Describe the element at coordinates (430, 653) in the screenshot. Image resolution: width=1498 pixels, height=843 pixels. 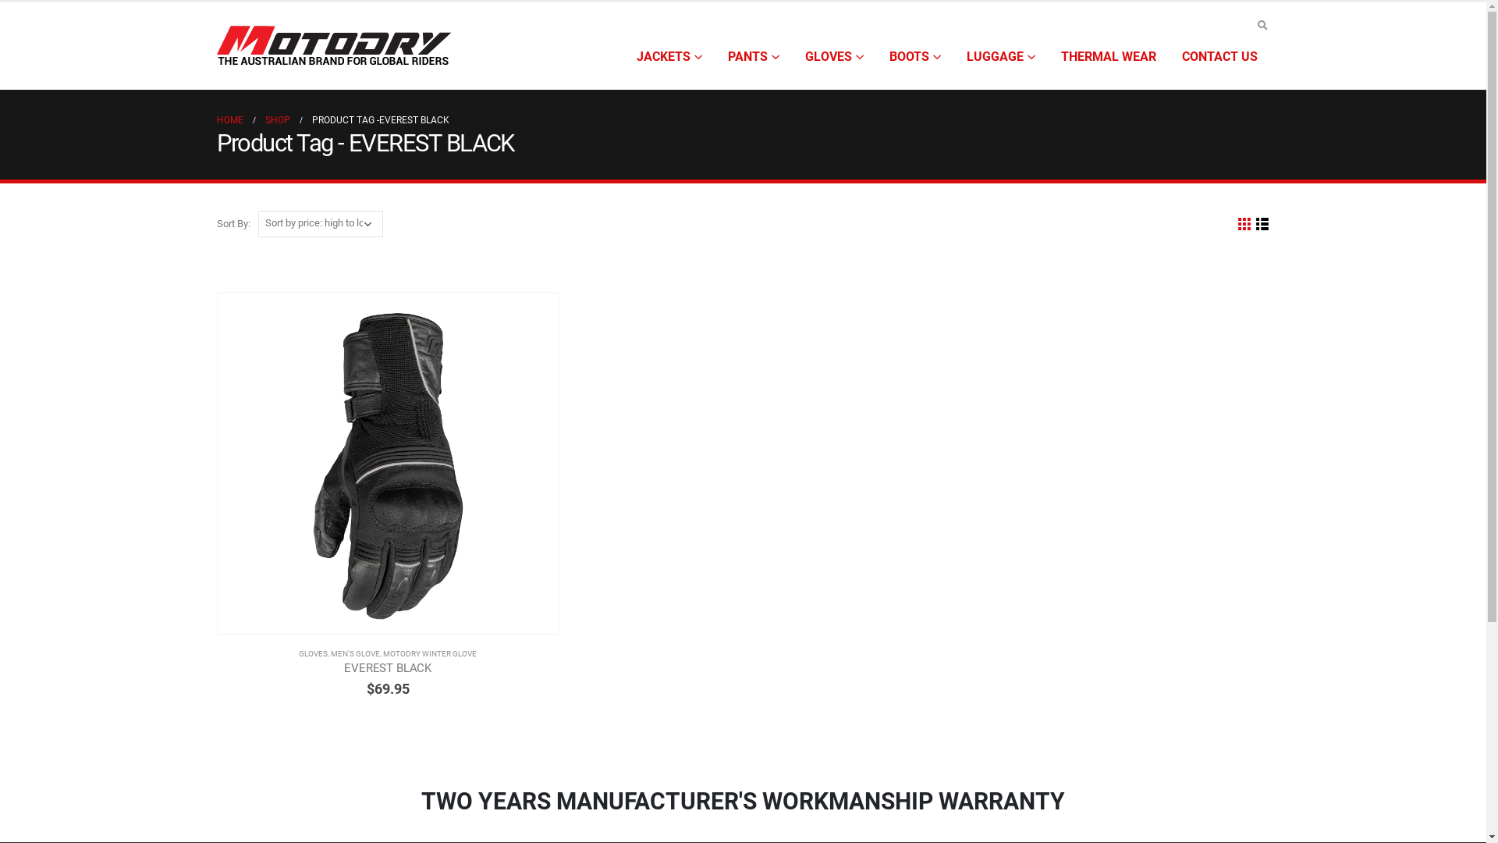
I see `'MOTODRY WINTER GLOVE'` at that location.